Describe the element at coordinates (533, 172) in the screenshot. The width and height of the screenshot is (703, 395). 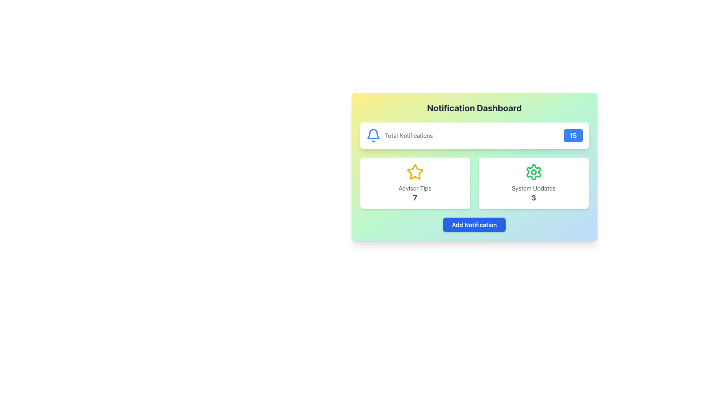
I see `the green gear icon in the 'System Updates' section of the notification dashboard interface, located above the label 'System Updates' and to the right of the number '3'` at that location.